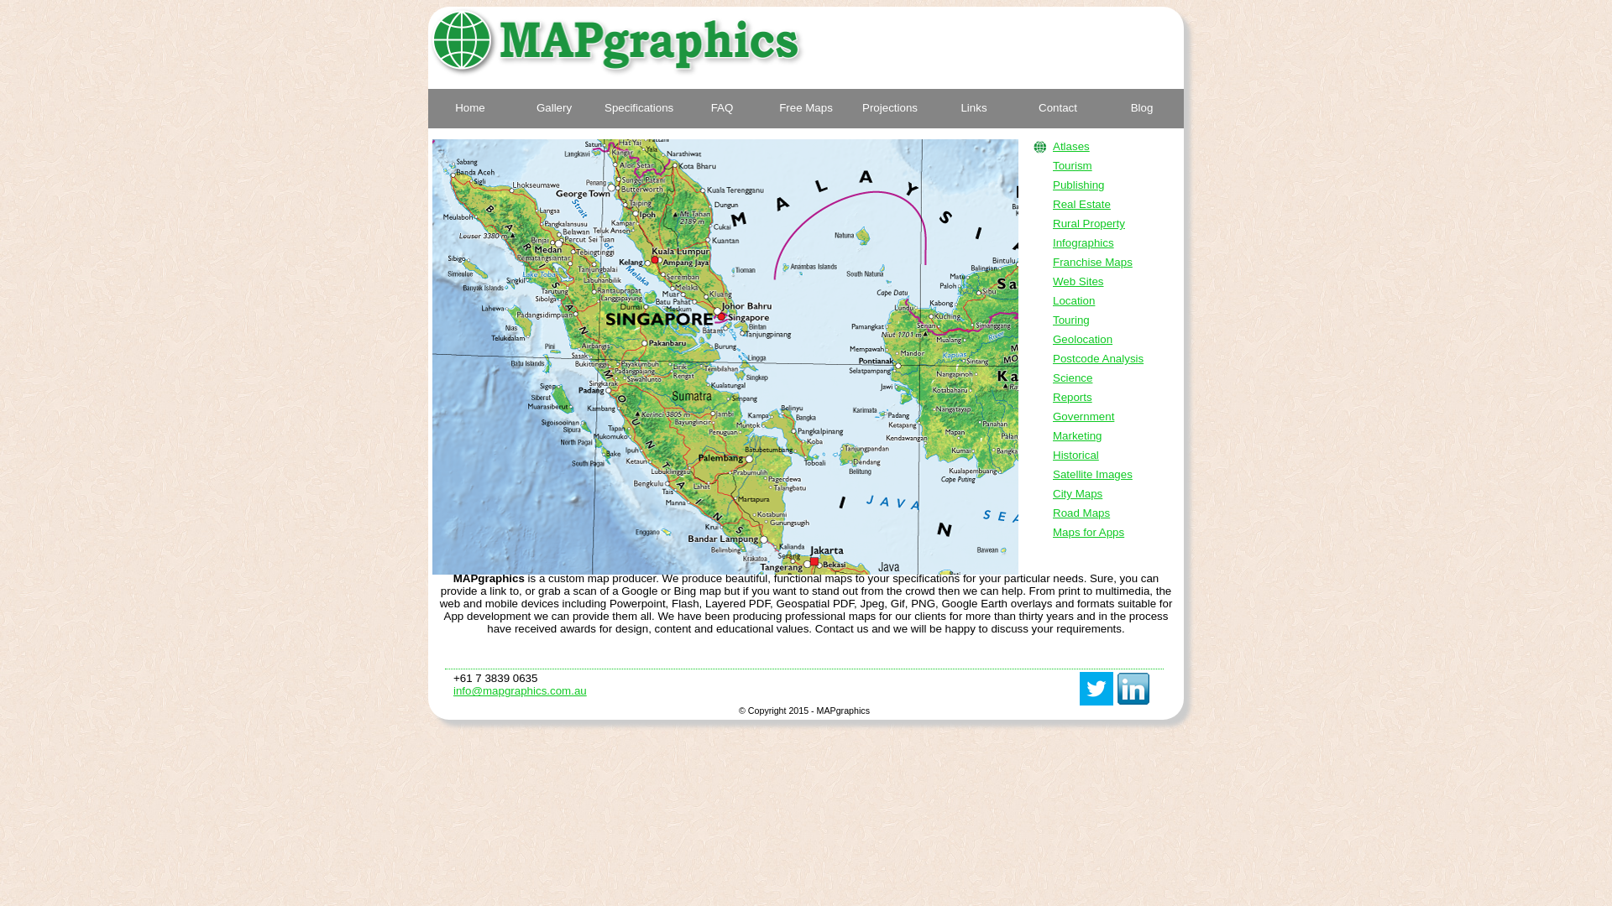  What do you see at coordinates (889, 108) in the screenshot?
I see `'Projections'` at bounding box center [889, 108].